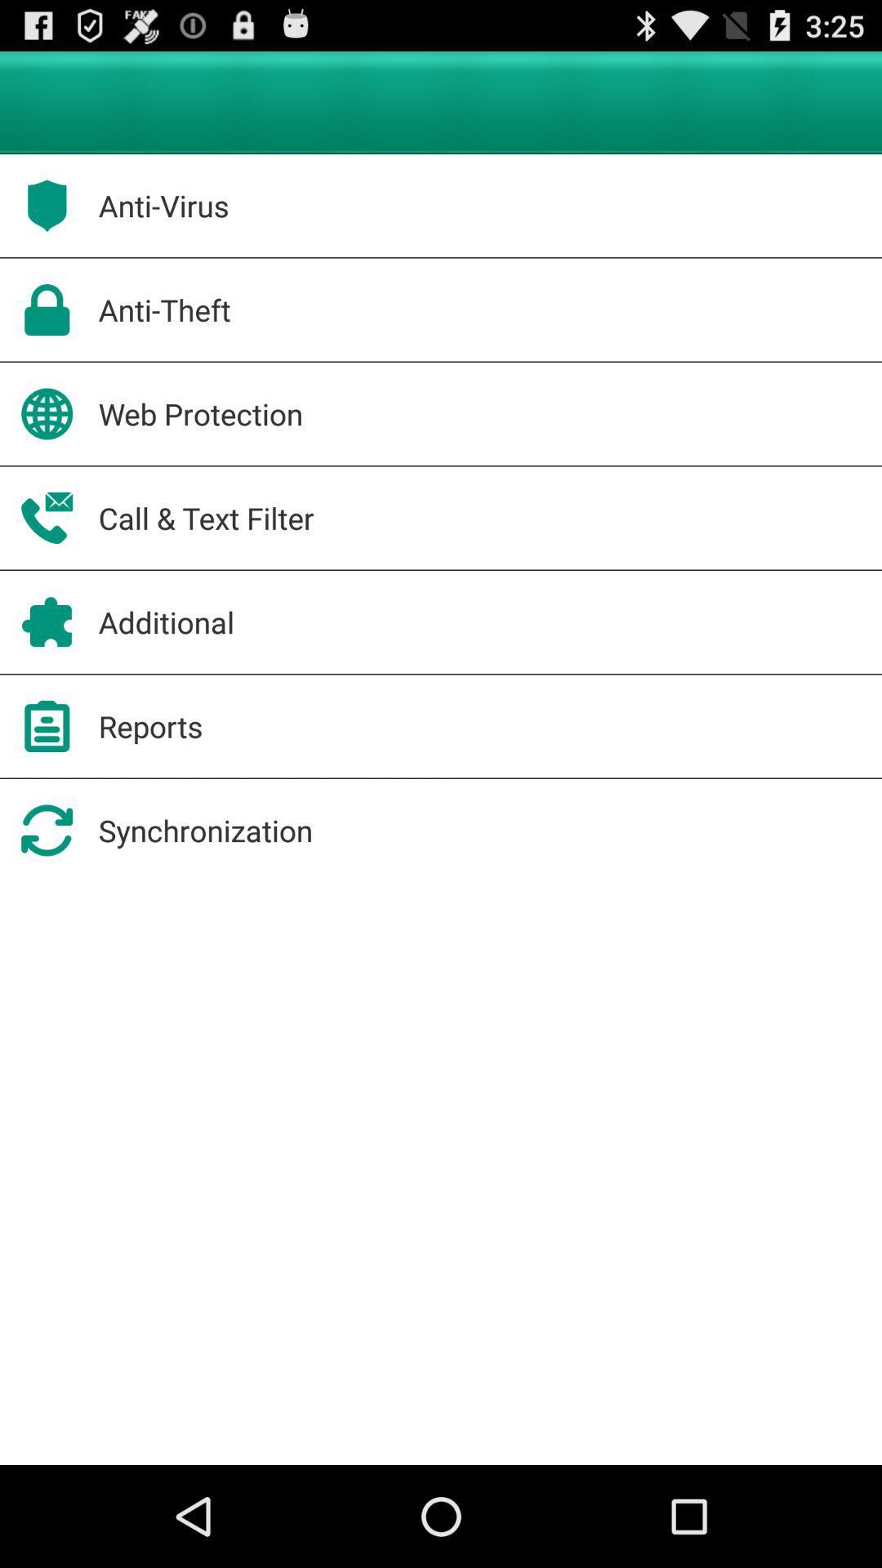  Describe the element at coordinates (205, 517) in the screenshot. I see `the call & text filter app` at that location.